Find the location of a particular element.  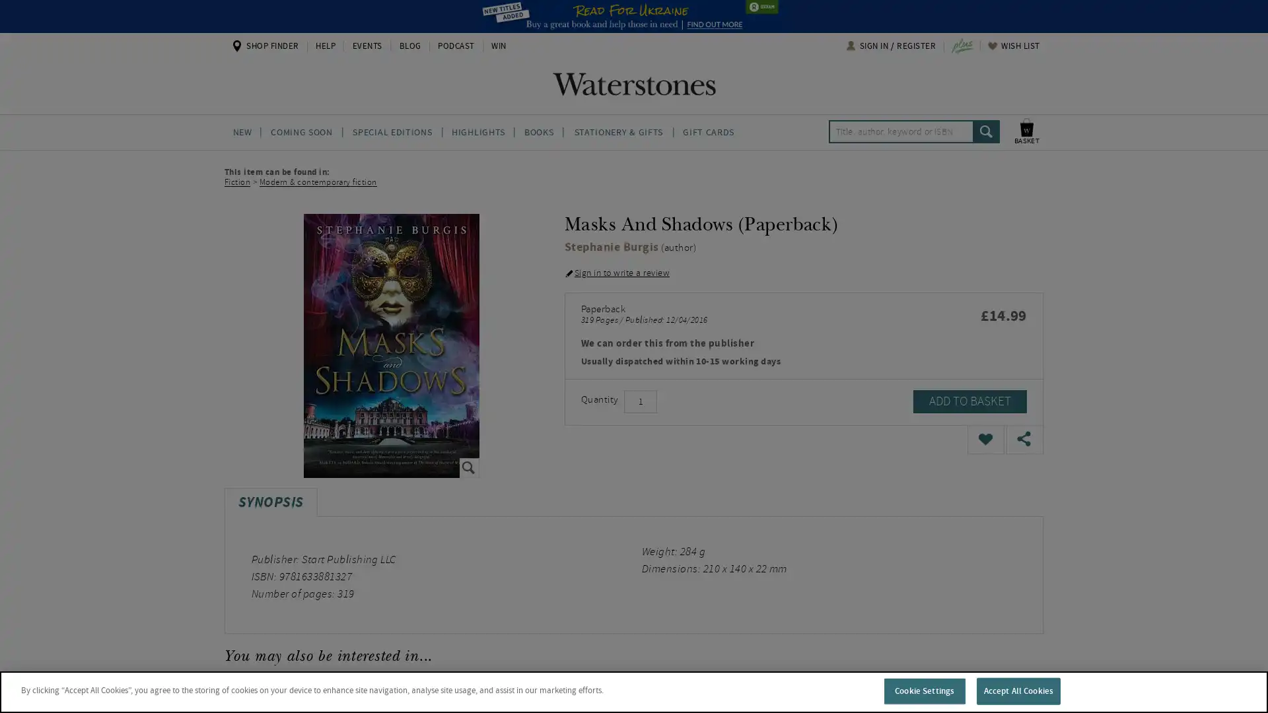

Cookie Settings is located at coordinates (923, 690).